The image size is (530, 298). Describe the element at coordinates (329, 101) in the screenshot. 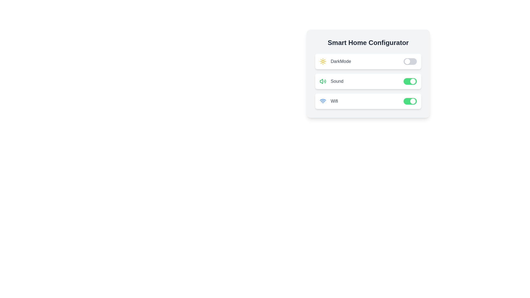

I see `the Wi-Fi configuration label with icon in the 'Smart Home Configurator' card, located in the third row to the leftmost side` at that location.